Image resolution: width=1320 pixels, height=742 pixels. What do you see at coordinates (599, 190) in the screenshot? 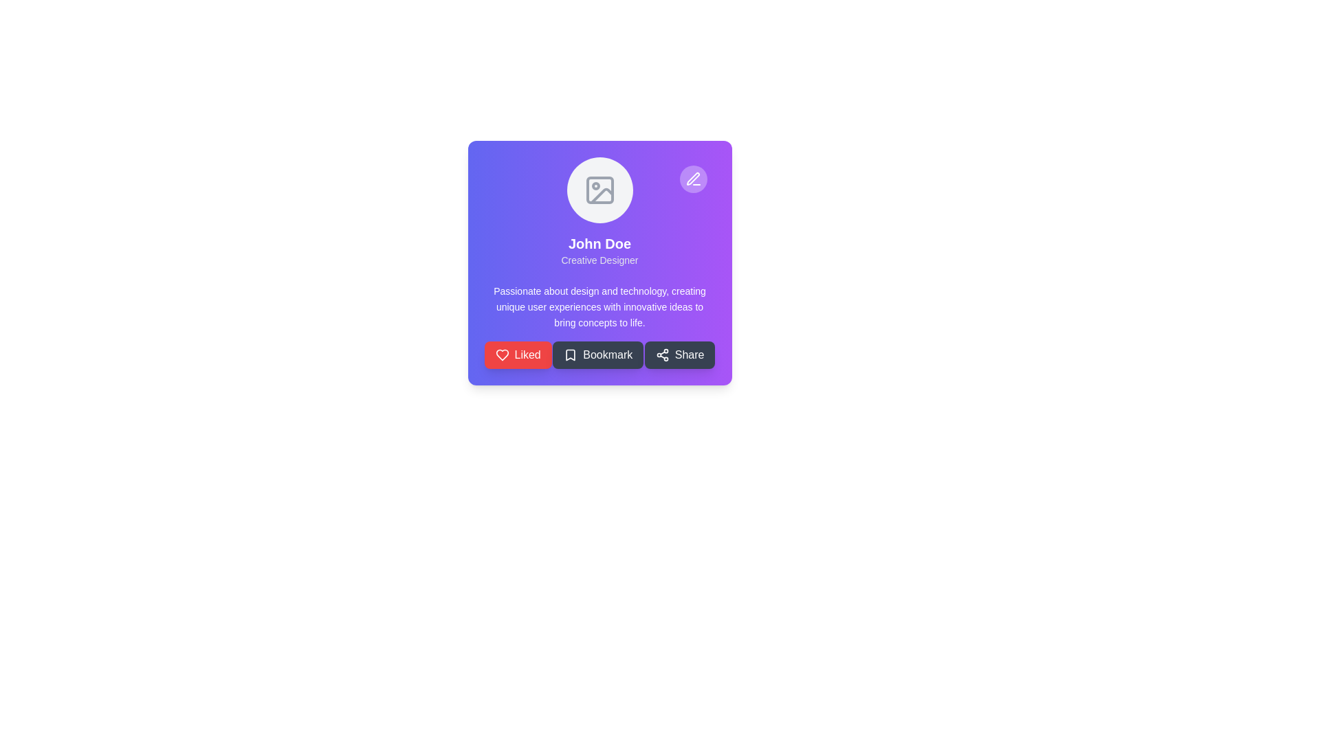
I see `the SVG-based image icon with a gray outline located at the center of the circular profile image placeholder on the user profile card` at bounding box center [599, 190].